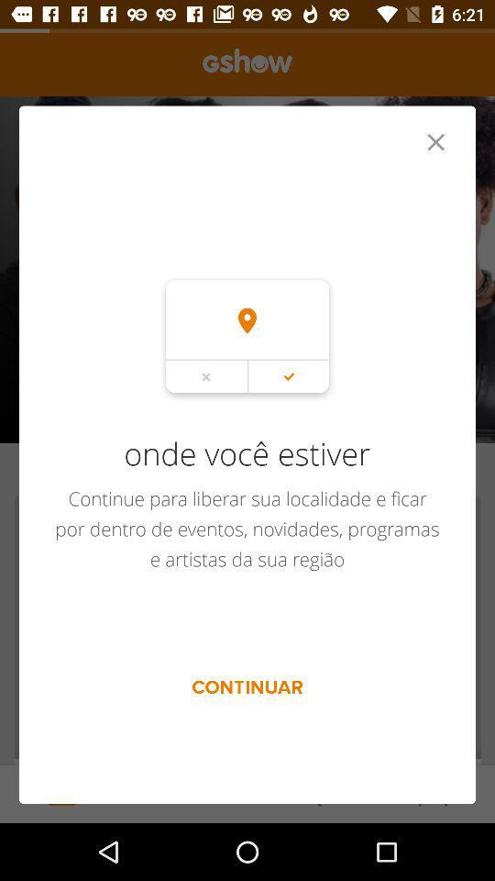 This screenshot has width=495, height=881. Describe the element at coordinates (434, 141) in the screenshot. I see `item at the top right corner` at that location.